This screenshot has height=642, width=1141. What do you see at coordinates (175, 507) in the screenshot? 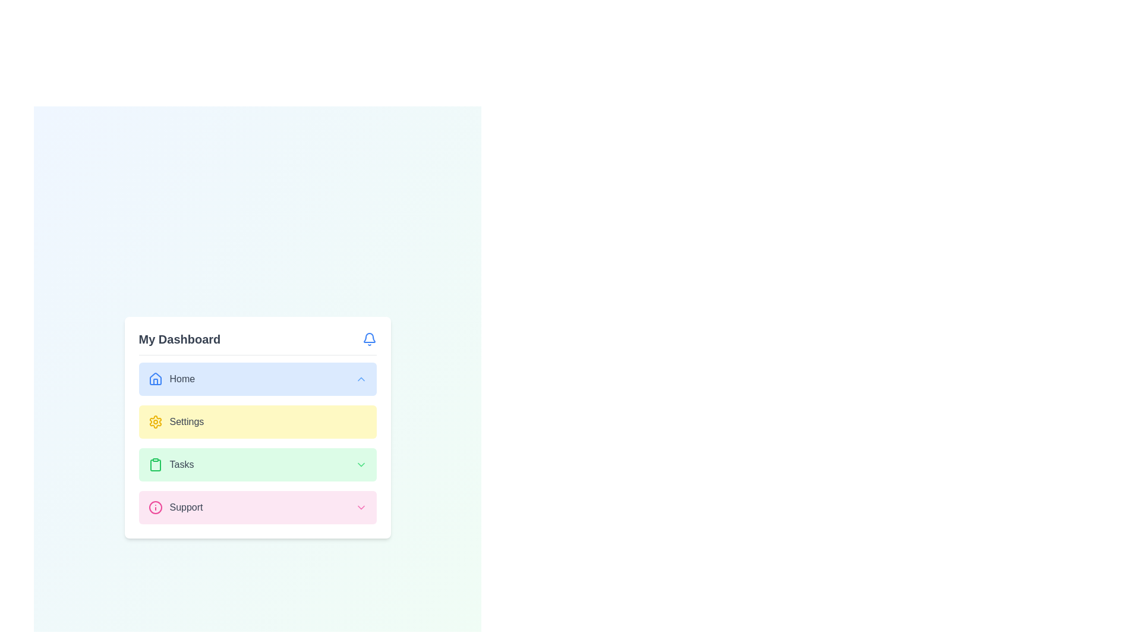
I see `text content of the 'Support' text label, which is styled with a medium font weight and gray color, located within the fourth item under 'My Dashboard'` at bounding box center [175, 507].